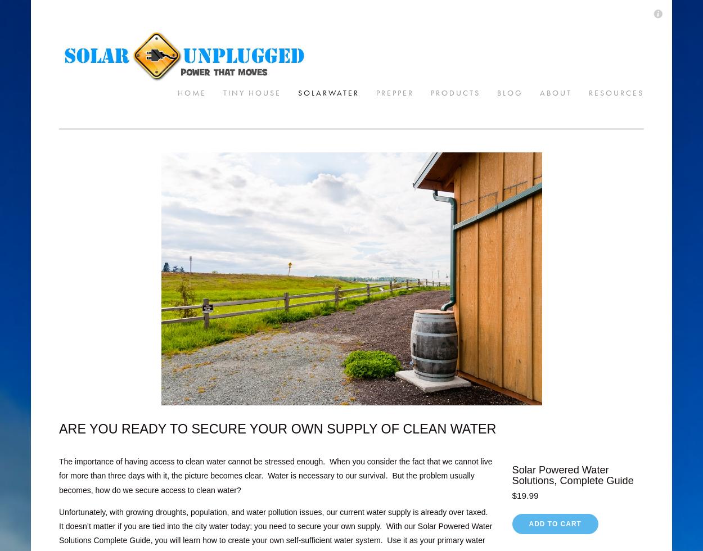  Describe the element at coordinates (554, 523) in the screenshot. I see `'Add To Cart'` at that location.